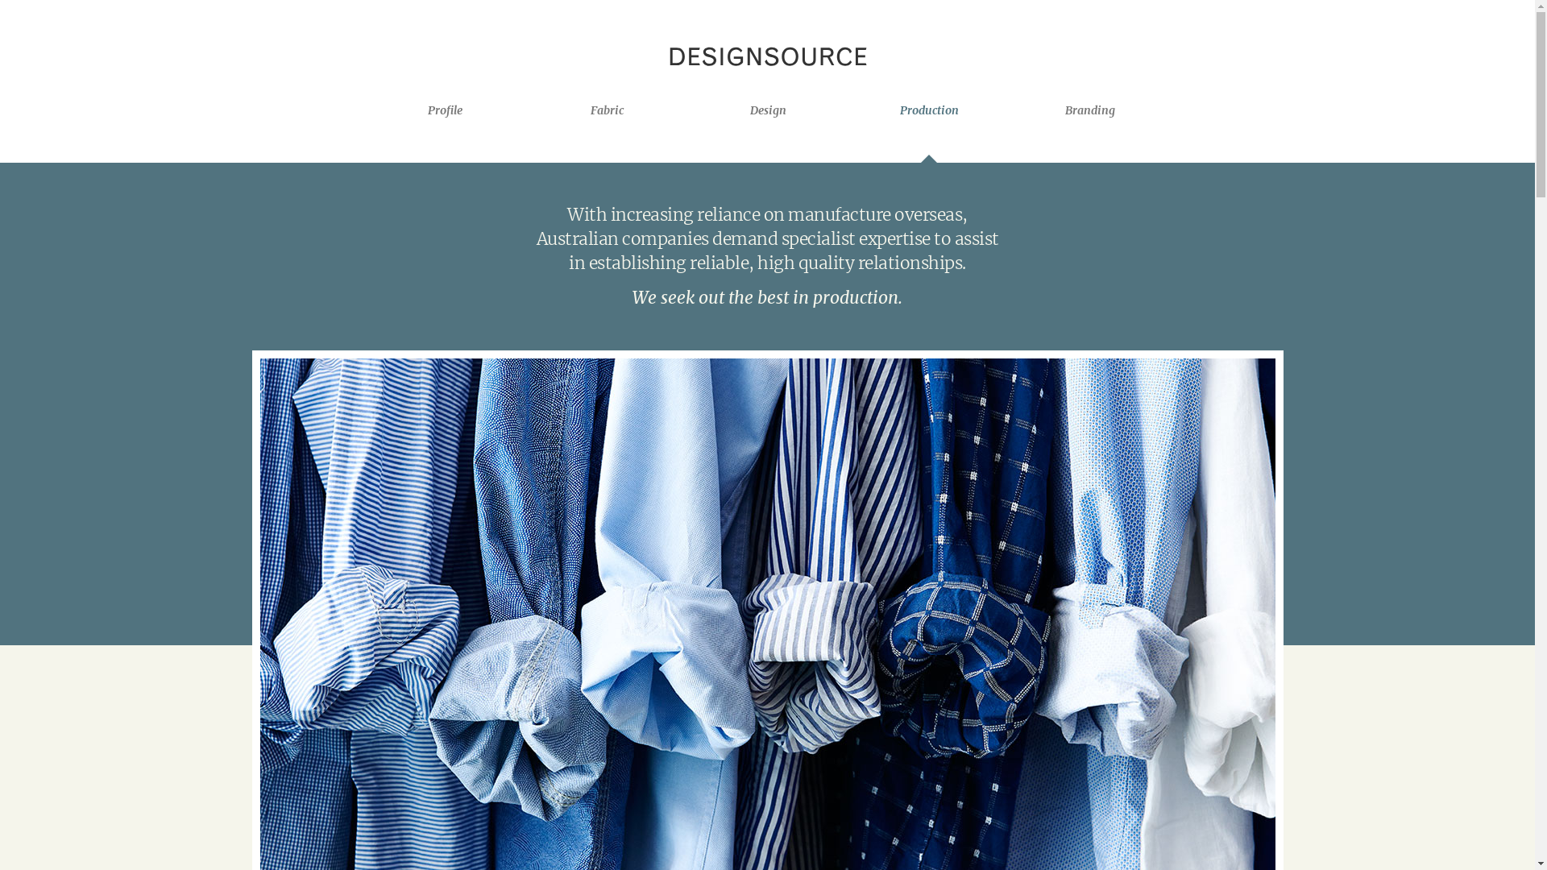  I want to click on 'Design', so click(767, 110).